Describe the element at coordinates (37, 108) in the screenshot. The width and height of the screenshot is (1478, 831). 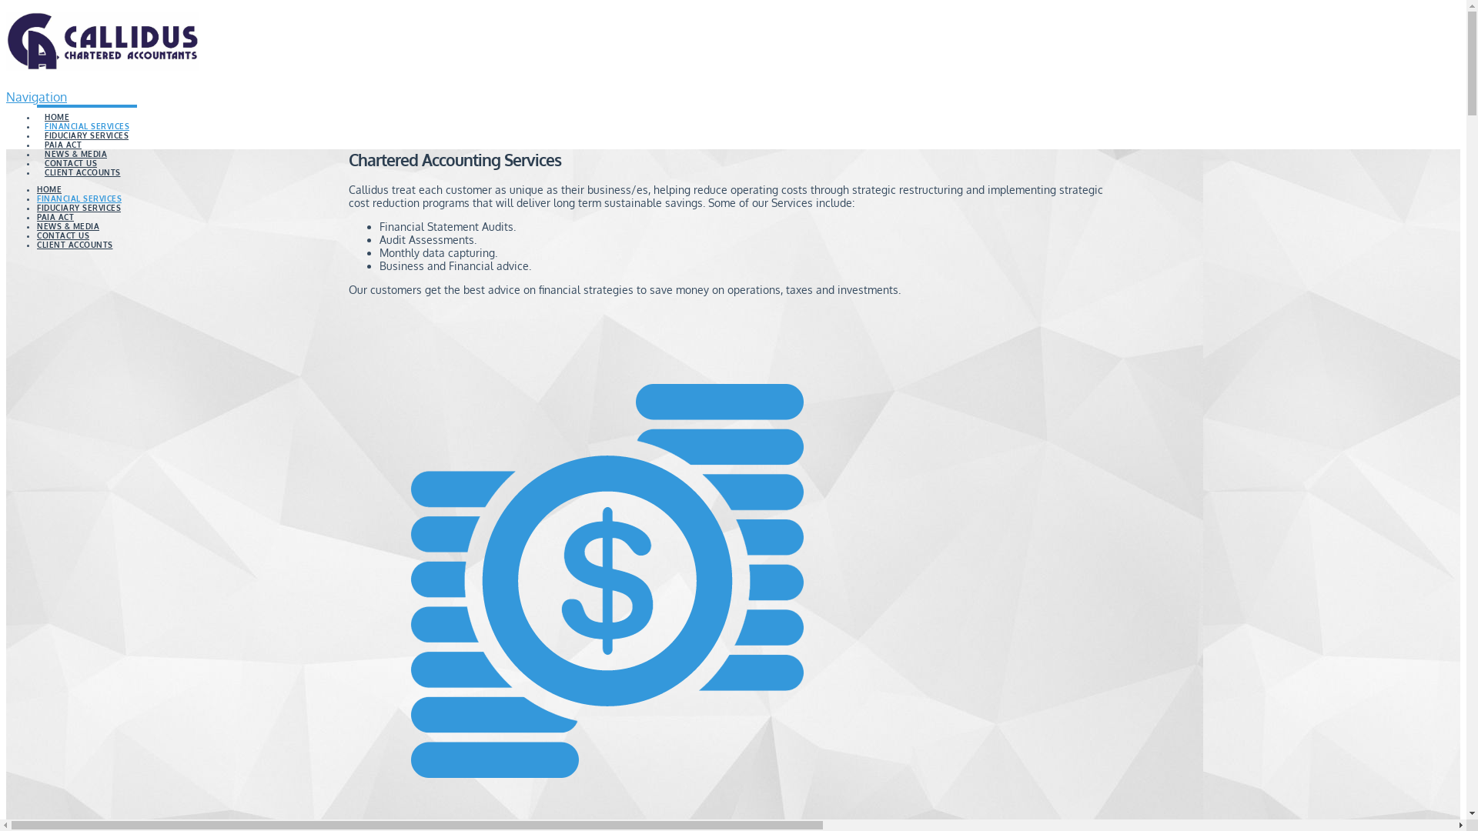
I see `'HOME'` at that location.